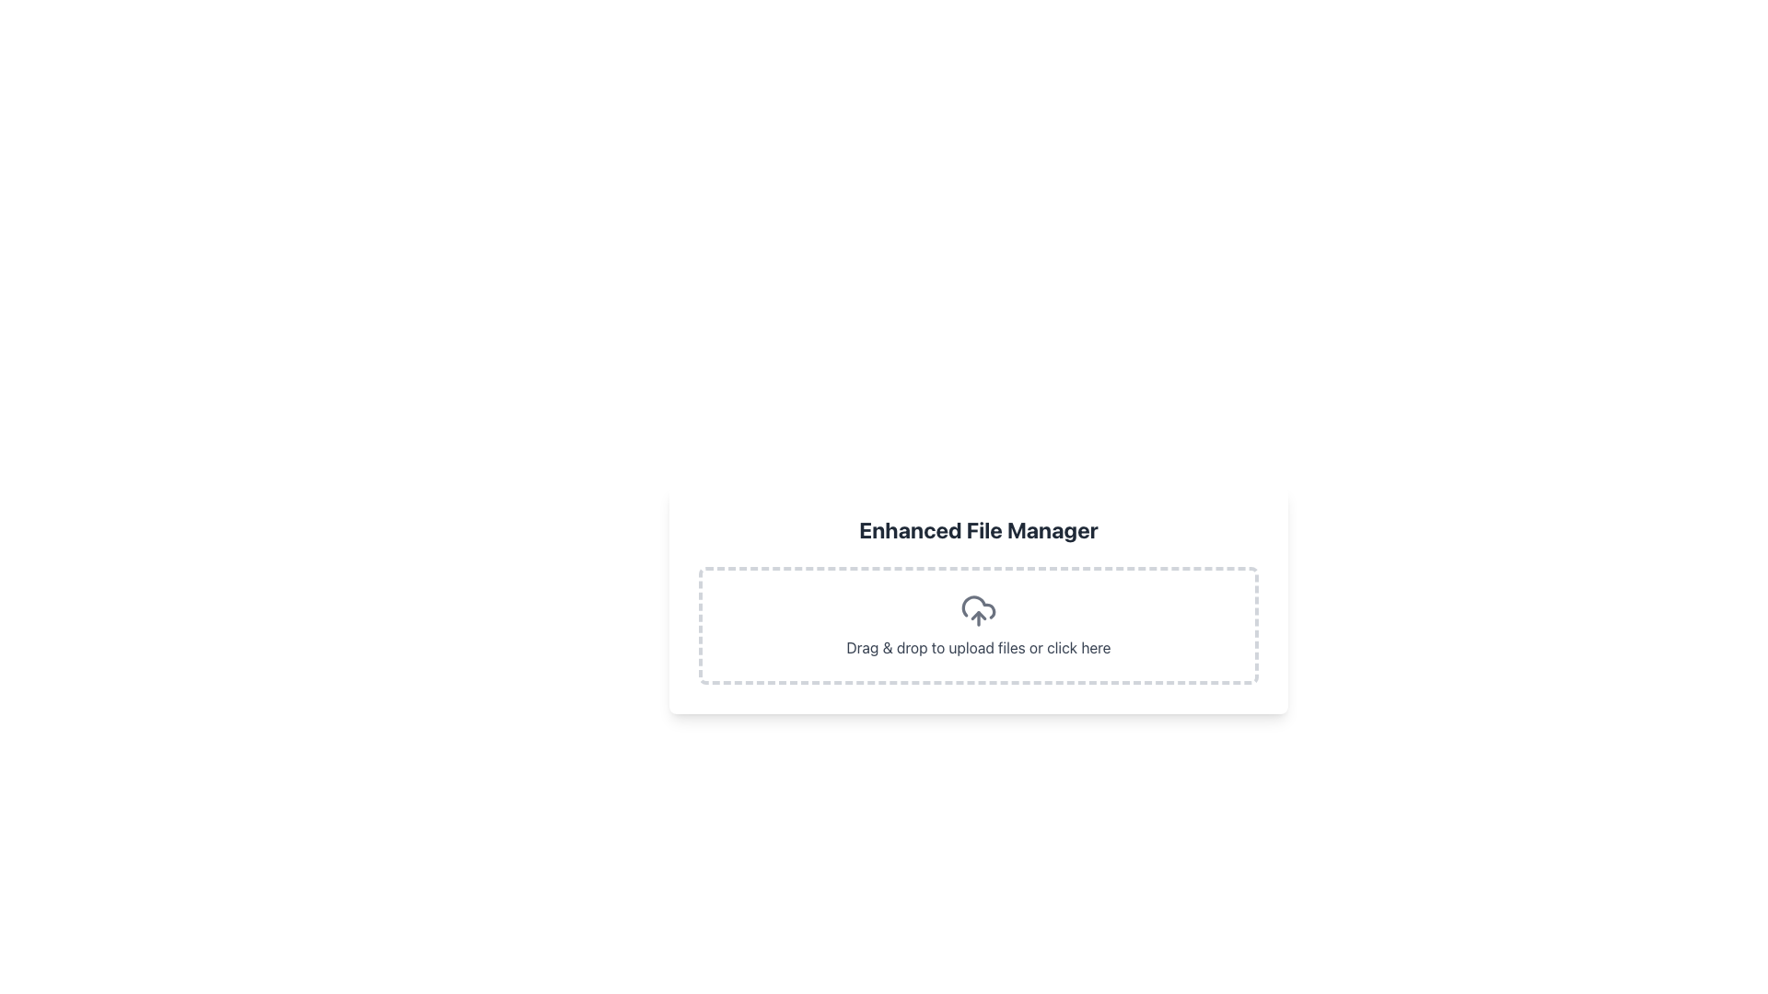 Image resolution: width=1768 pixels, height=994 pixels. I want to click on the text label that displays 'Drag & drop to upload files or click here.' to initiate file uploading, so click(977, 647).